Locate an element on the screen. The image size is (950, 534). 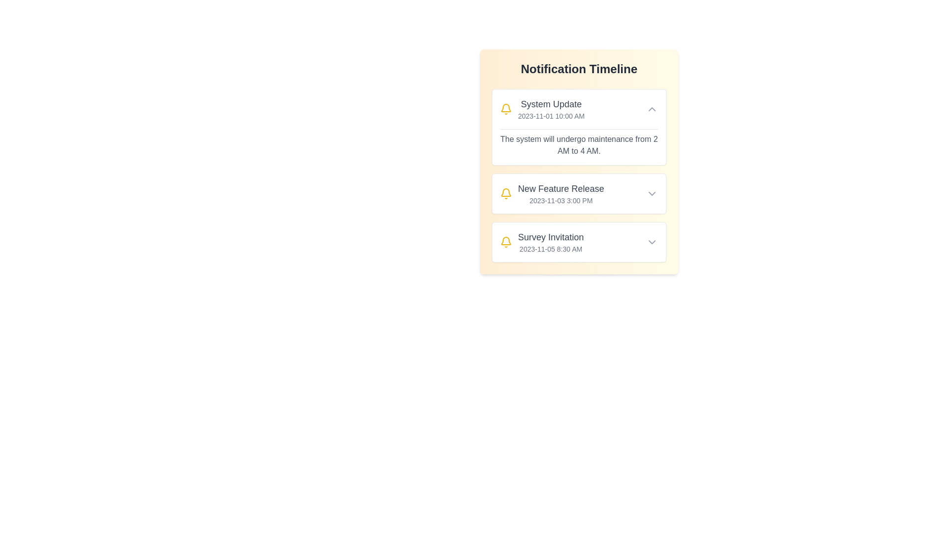
on the header notification entry that indicates a system update, displaying the title and timestamp is located at coordinates (541, 109).